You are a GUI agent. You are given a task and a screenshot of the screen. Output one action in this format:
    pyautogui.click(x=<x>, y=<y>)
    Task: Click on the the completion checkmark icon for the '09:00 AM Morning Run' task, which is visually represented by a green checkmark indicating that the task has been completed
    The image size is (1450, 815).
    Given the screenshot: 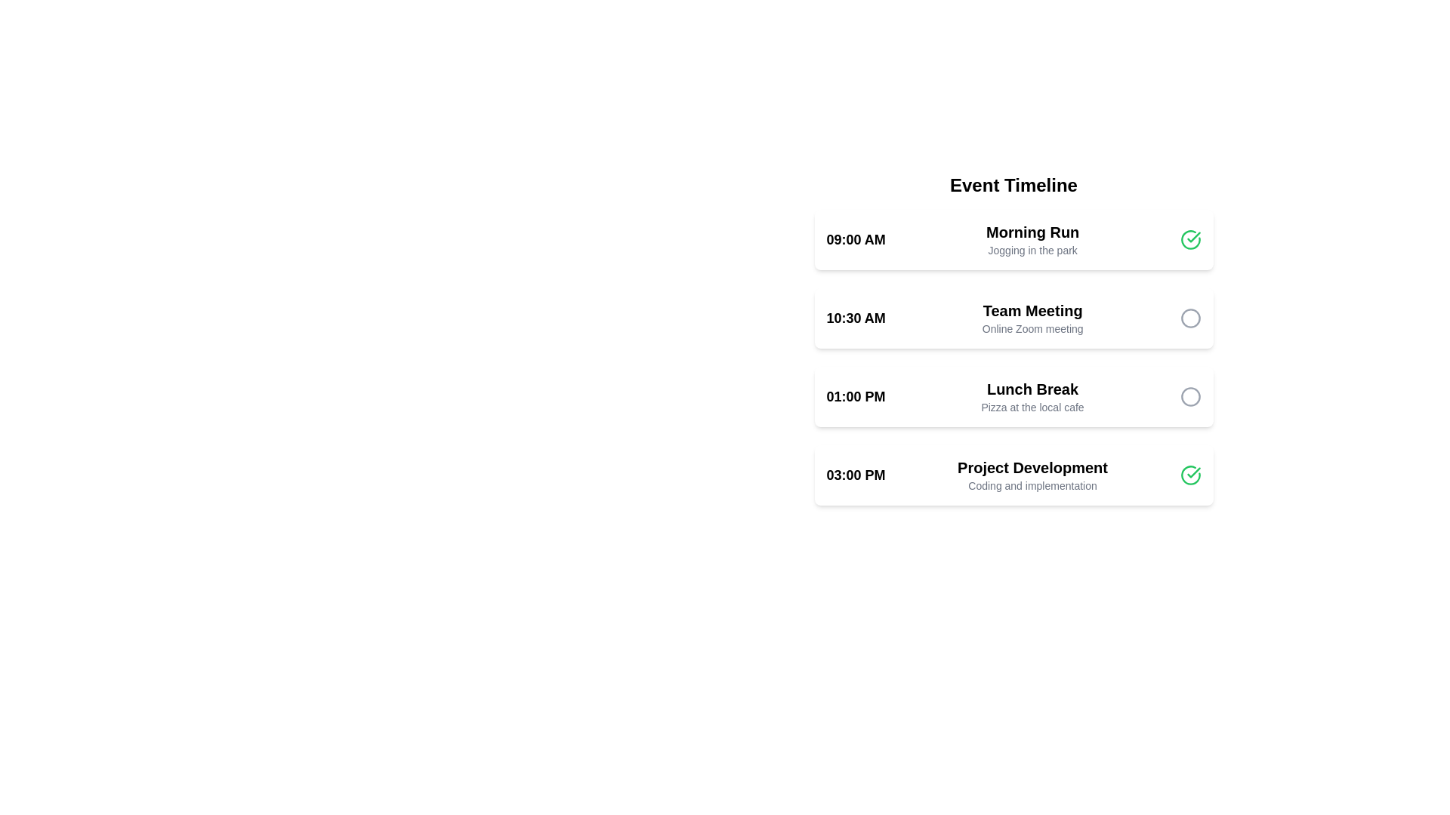 What is the action you would take?
    pyautogui.click(x=1189, y=238)
    